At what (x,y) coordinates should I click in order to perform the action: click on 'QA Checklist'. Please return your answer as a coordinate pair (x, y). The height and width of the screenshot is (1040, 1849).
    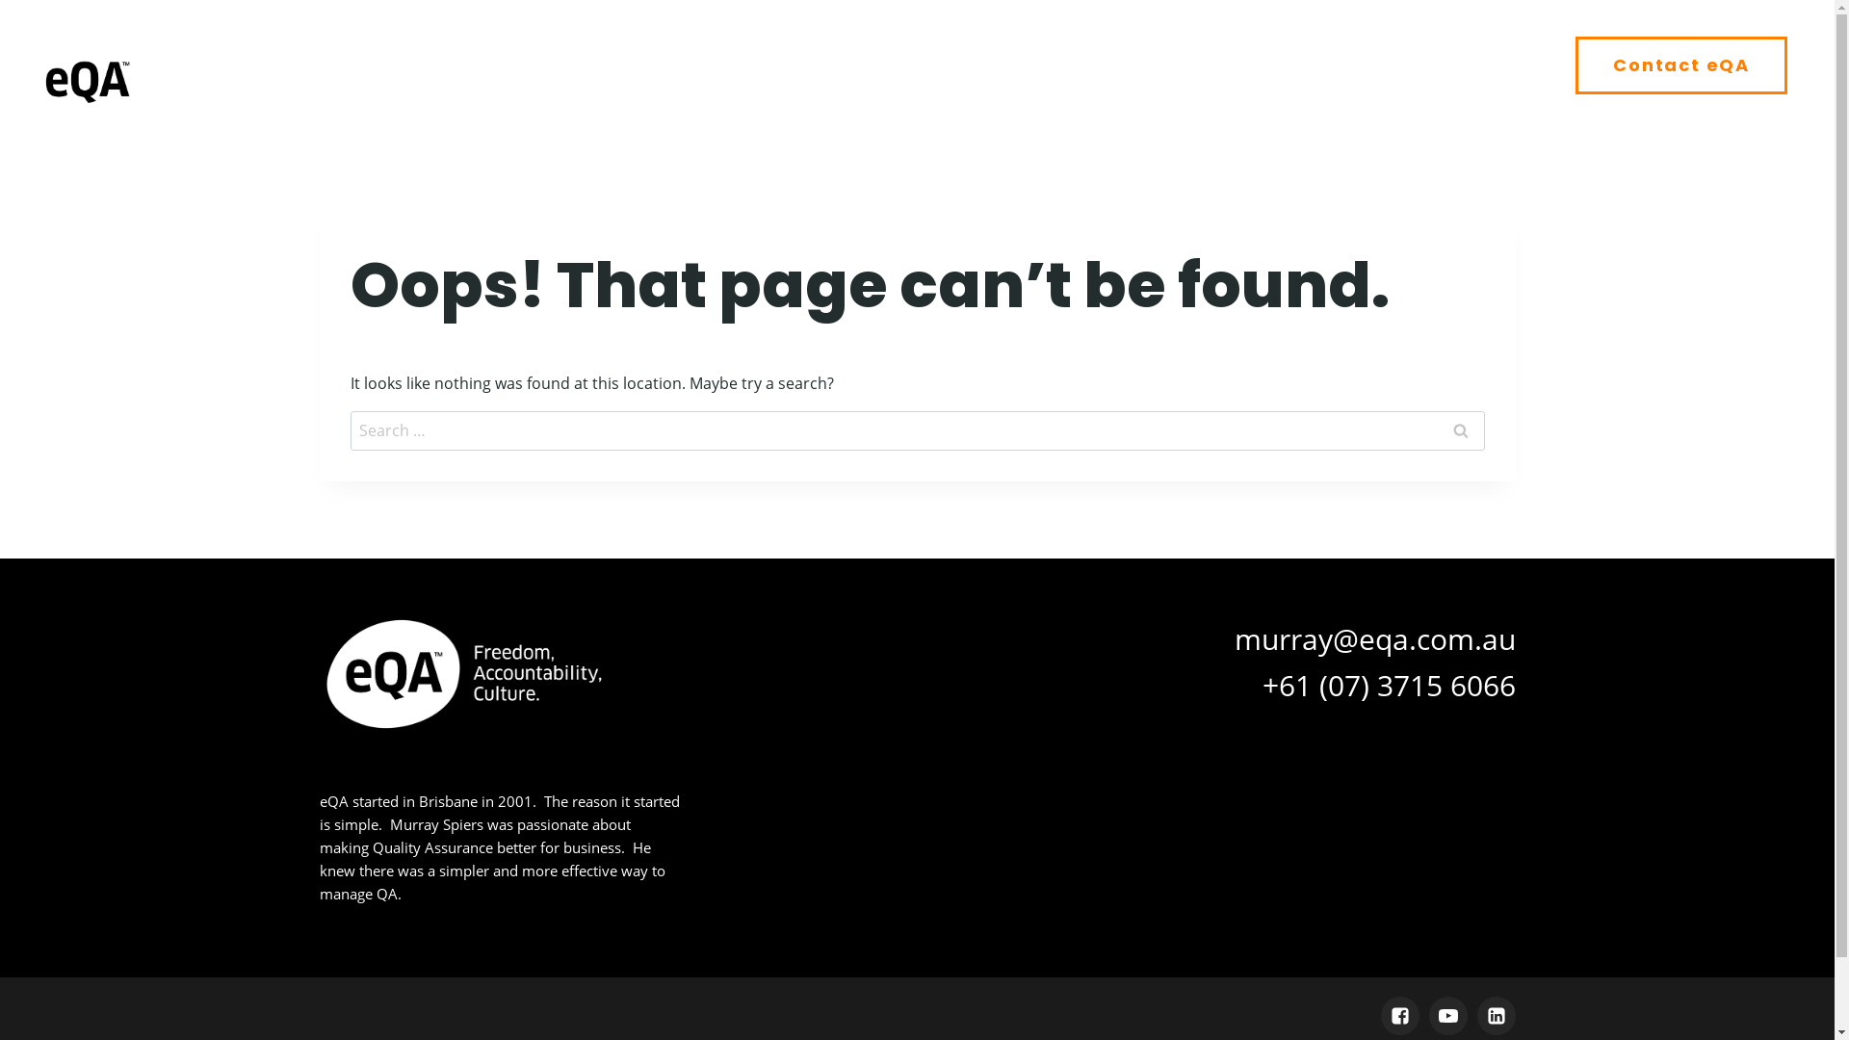
    Looking at the image, I should click on (998, 65).